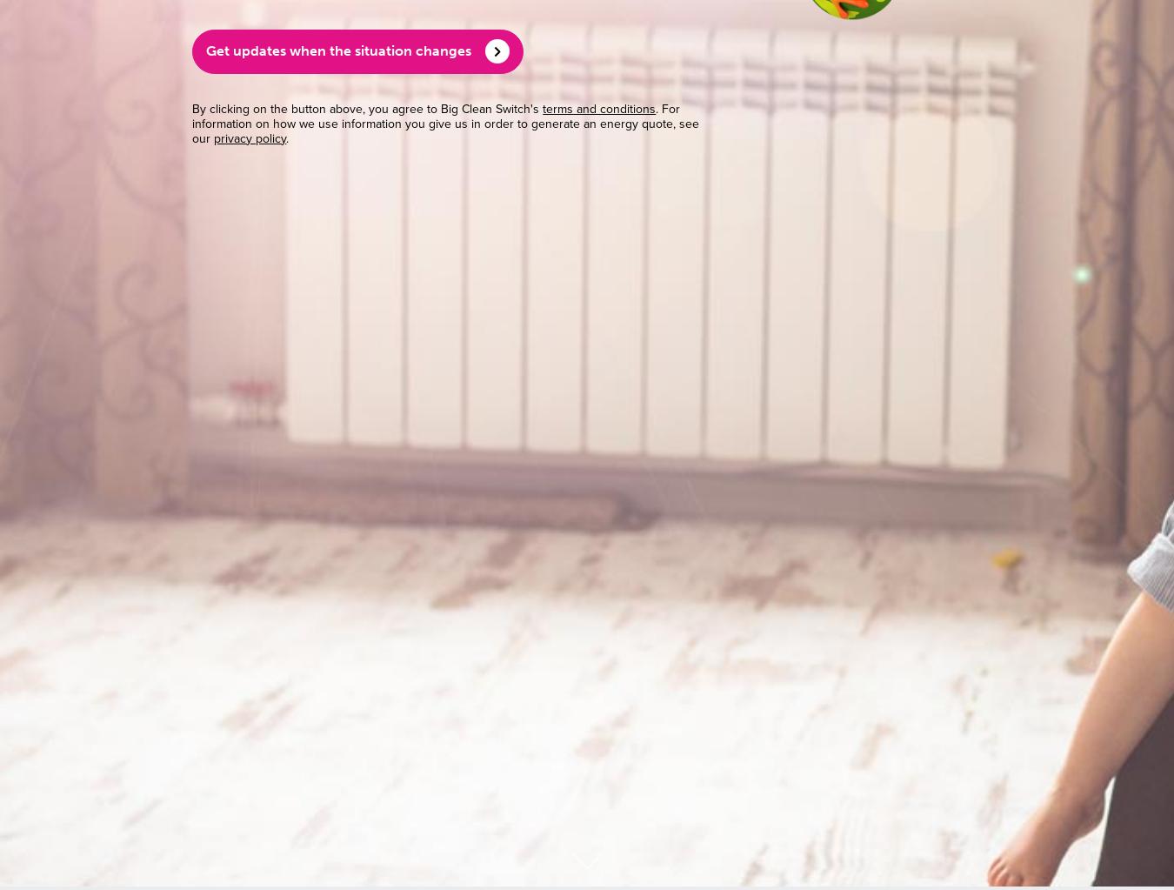  I want to click on 'Which?', so click(317, 380).